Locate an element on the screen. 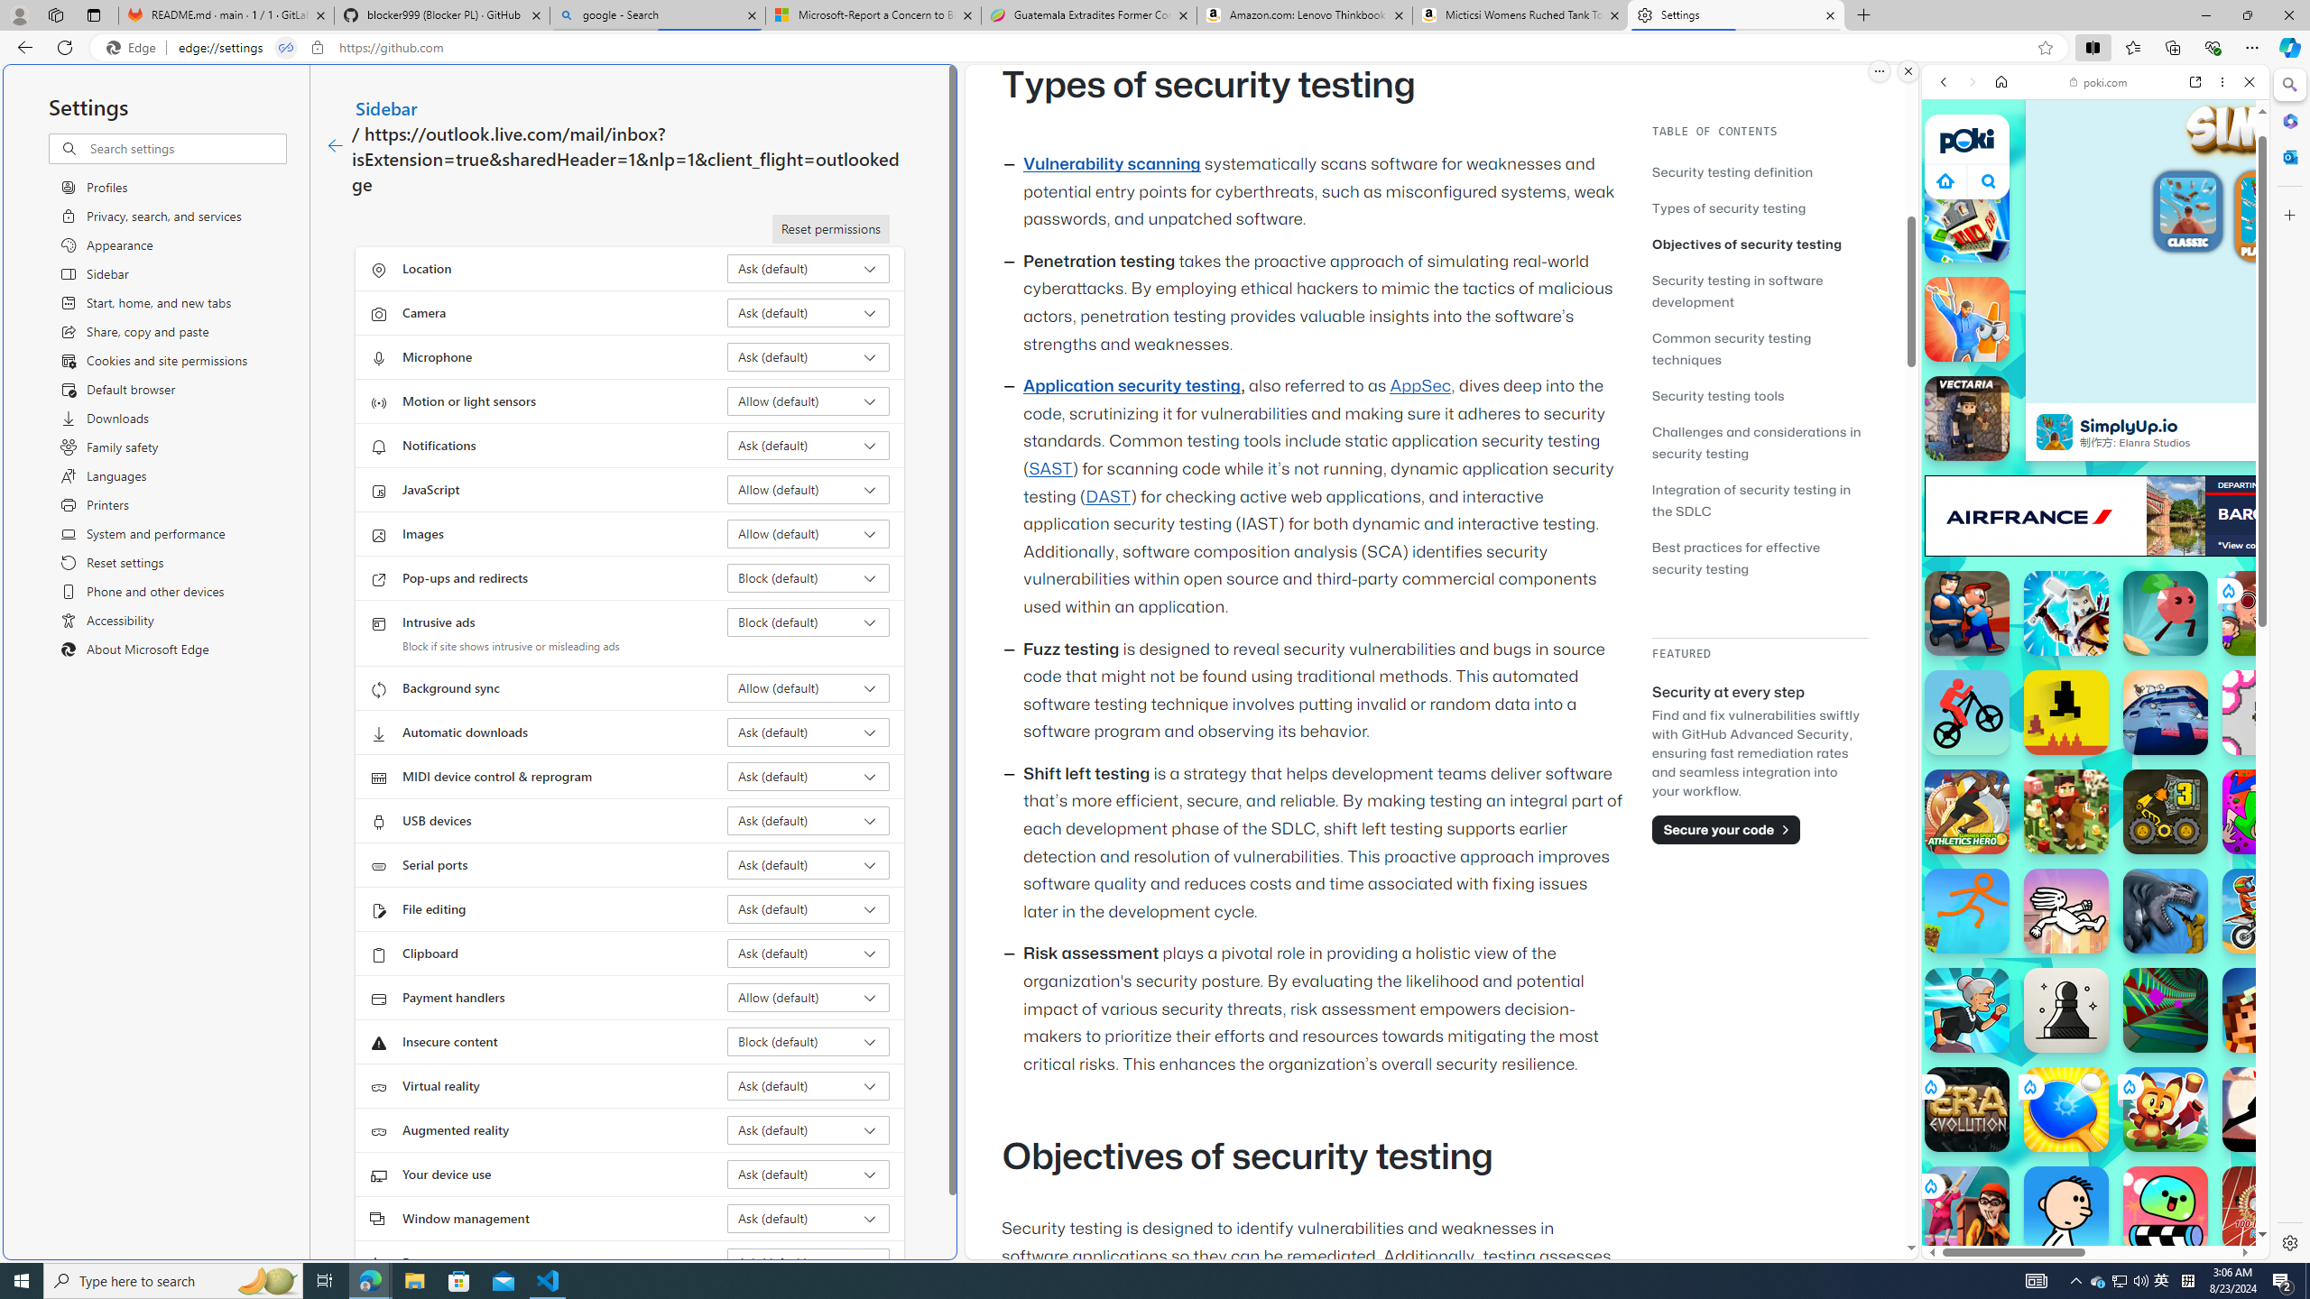 This screenshot has width=2310, height=1299. 'Location Ask (default)' is located at coordinates (808, 269).